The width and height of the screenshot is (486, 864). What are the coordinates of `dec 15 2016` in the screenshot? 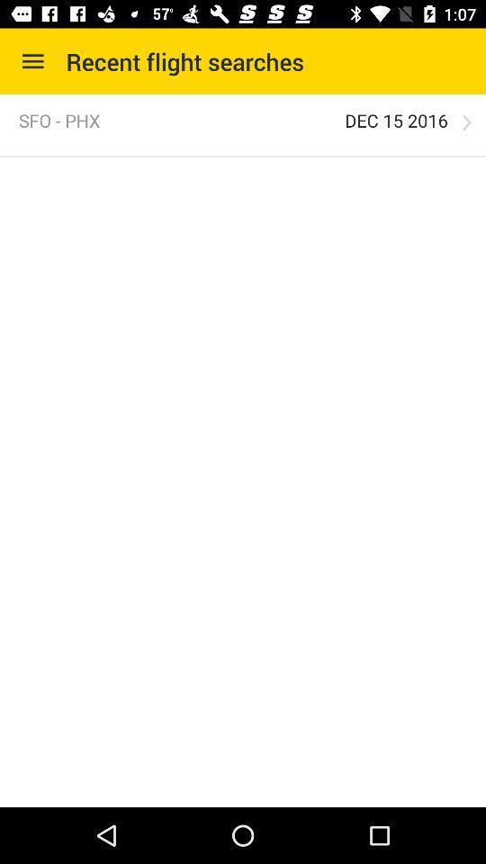 It's located at (396, 120).